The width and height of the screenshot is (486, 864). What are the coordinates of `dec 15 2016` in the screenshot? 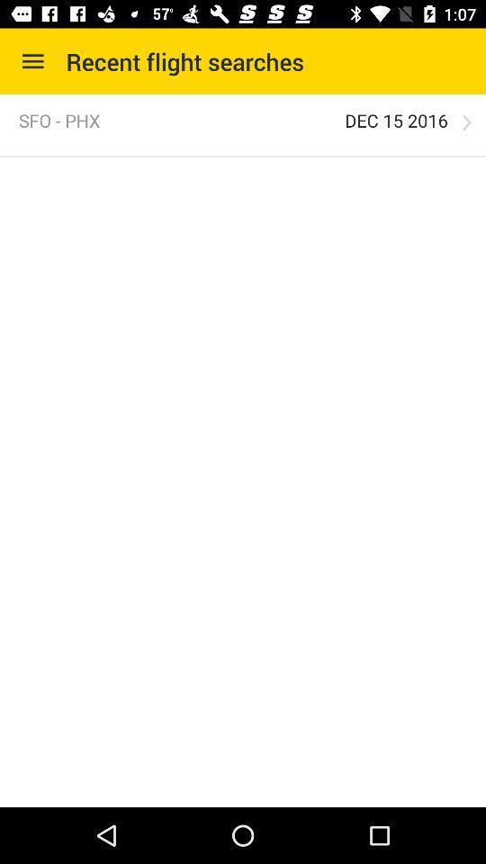 It's located at (396, 120).